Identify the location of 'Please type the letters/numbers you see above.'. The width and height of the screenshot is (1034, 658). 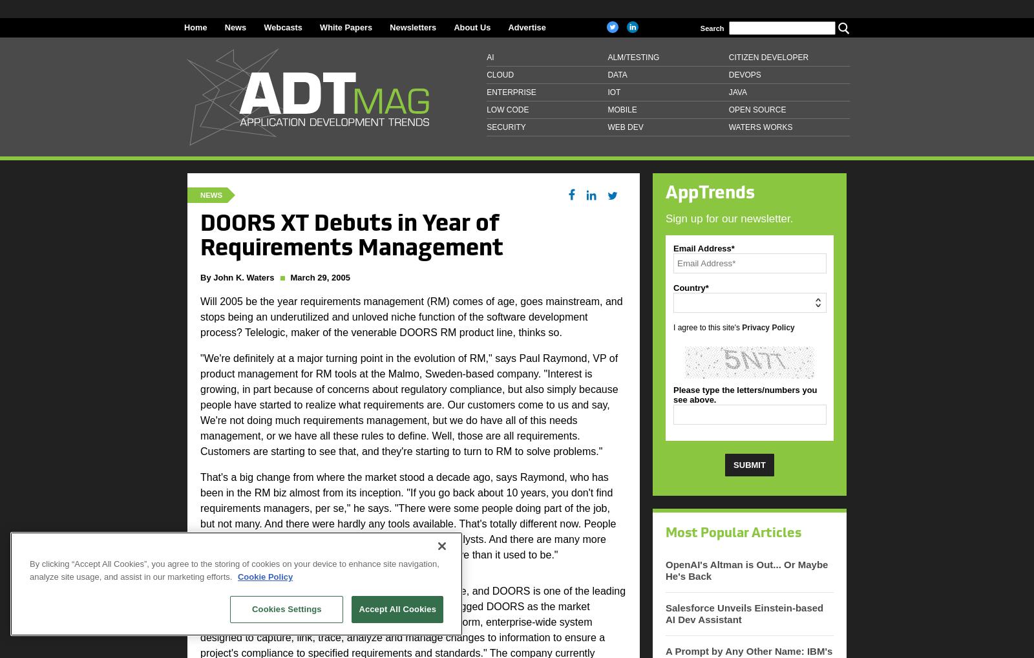
(673, 394).